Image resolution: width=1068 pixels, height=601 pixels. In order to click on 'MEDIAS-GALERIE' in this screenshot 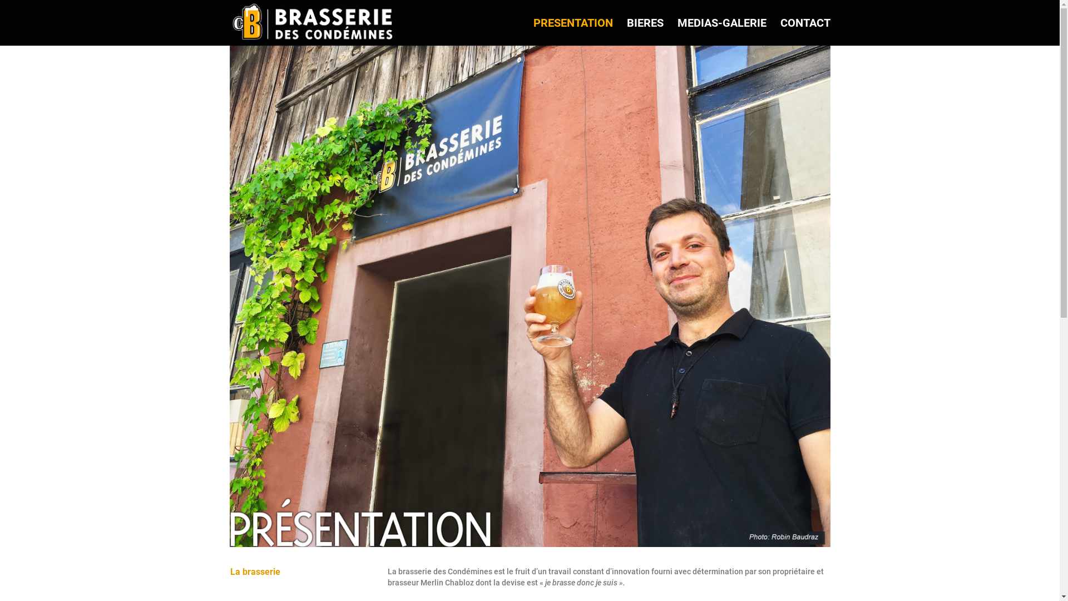, I will do `click(677, 31)`.